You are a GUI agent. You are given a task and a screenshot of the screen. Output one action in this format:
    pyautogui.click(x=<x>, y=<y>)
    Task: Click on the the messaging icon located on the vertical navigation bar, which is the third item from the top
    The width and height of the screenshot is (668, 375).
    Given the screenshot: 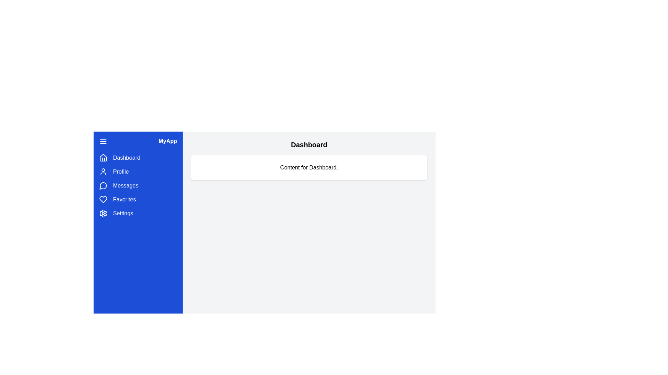 What is the action you would take?
    pyautogui.click(x=103, y=185)
    